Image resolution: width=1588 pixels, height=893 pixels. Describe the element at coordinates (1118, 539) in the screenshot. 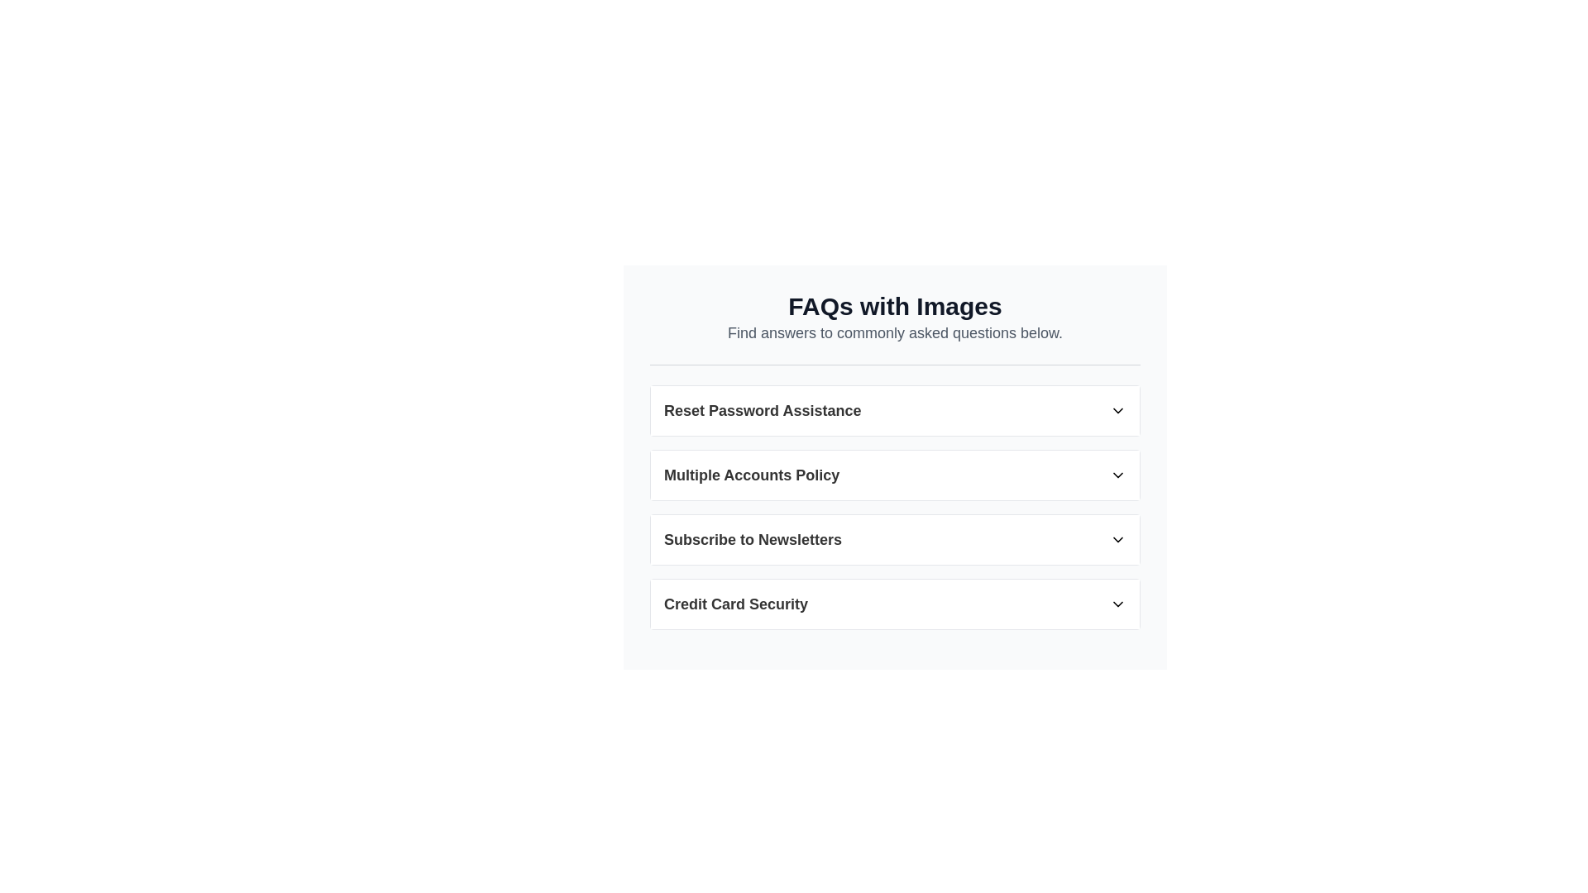

I see `the Chevron icon located to the far right of the 'Subscribe to Newsletters' section` at that location.